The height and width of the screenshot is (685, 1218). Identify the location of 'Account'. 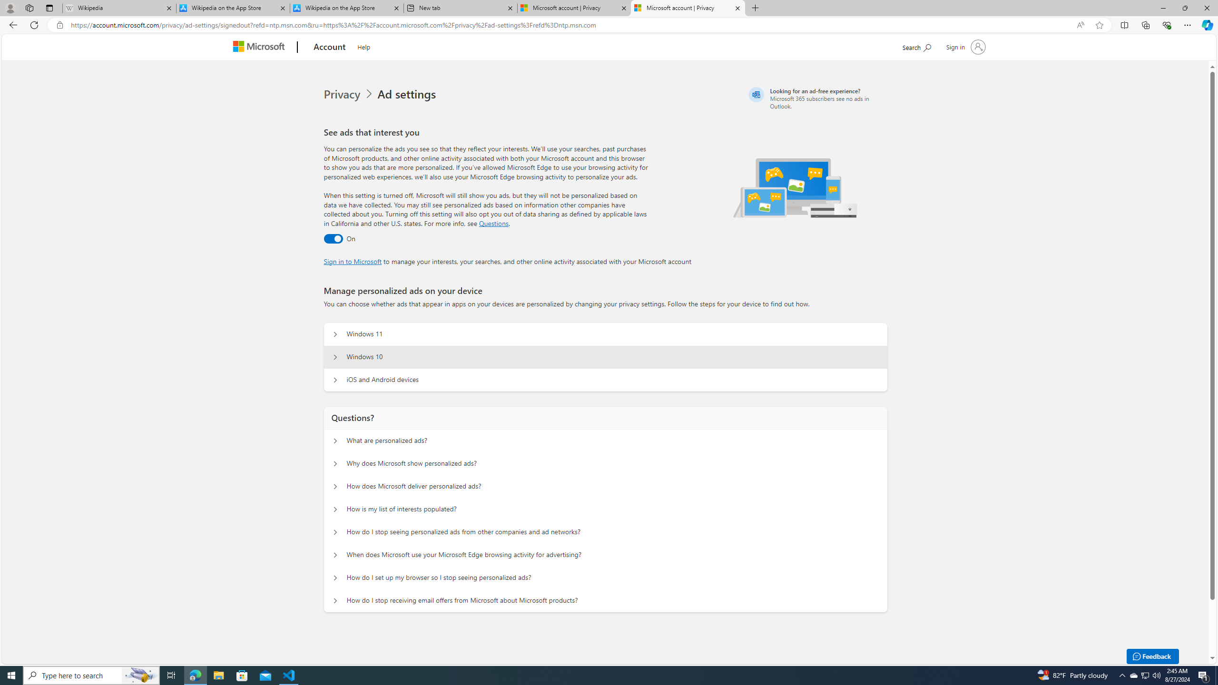
(329, 47).